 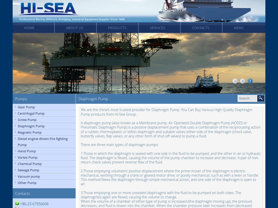 What do you see at coordinates (30, 163) in the screenshot?
I see `'Chemical Pump'` at bounding box center [30, 163].